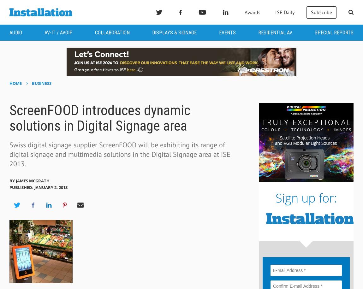 This screenshot has width=363, height=289. What do you see at coordinates (334, 32) in the screenshot?
I see `'Special Reports'` at bounding box center [334, 32].